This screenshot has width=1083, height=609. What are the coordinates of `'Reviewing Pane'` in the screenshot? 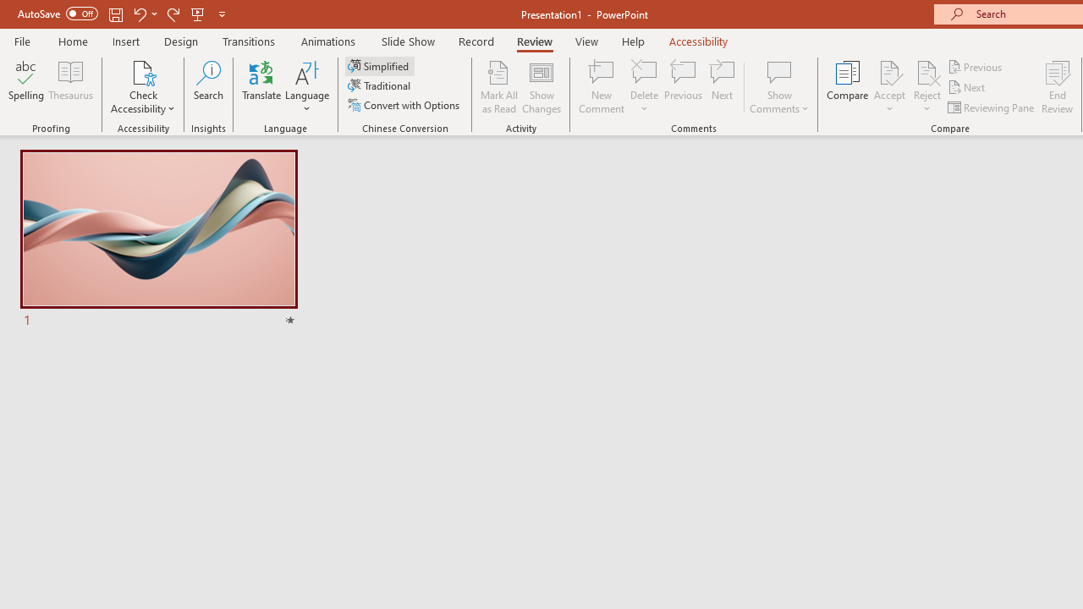 It's located at (992, 107).